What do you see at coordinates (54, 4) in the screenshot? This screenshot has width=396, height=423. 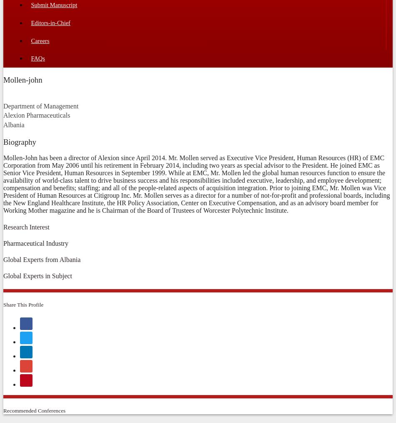 I see `'Submit Manuscript'` at bounding box center [54, 4].